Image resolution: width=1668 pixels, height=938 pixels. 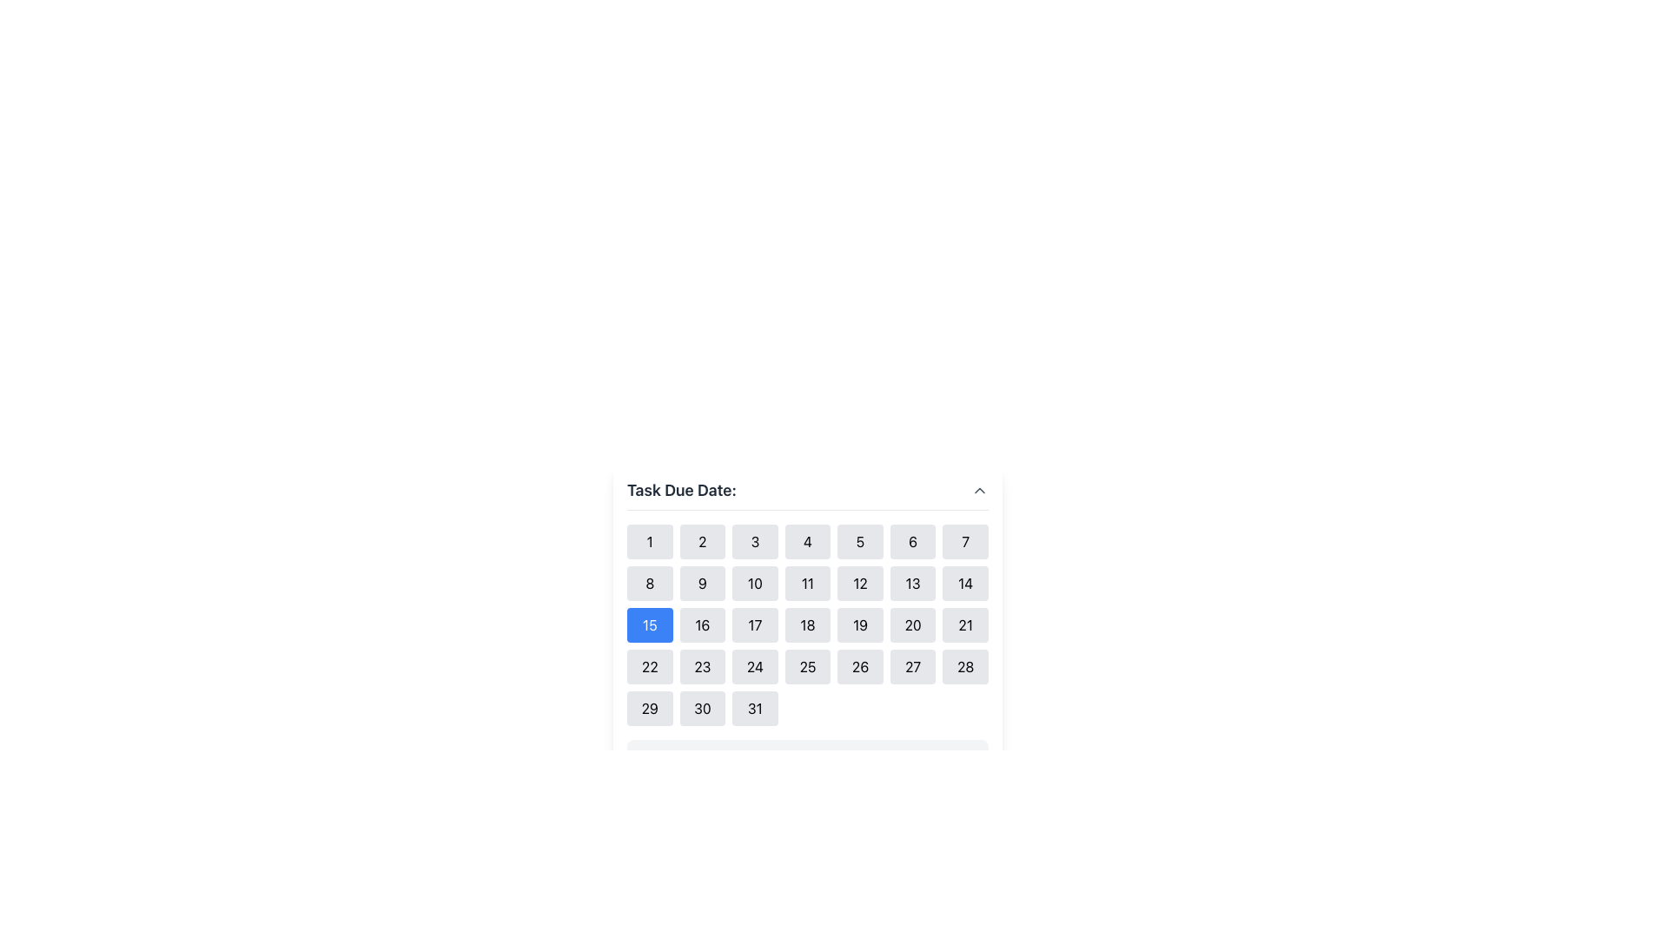 I want to click on the button displaying the number '28', which is located in the last row and last column of a grid, so click(x=964, y=665).